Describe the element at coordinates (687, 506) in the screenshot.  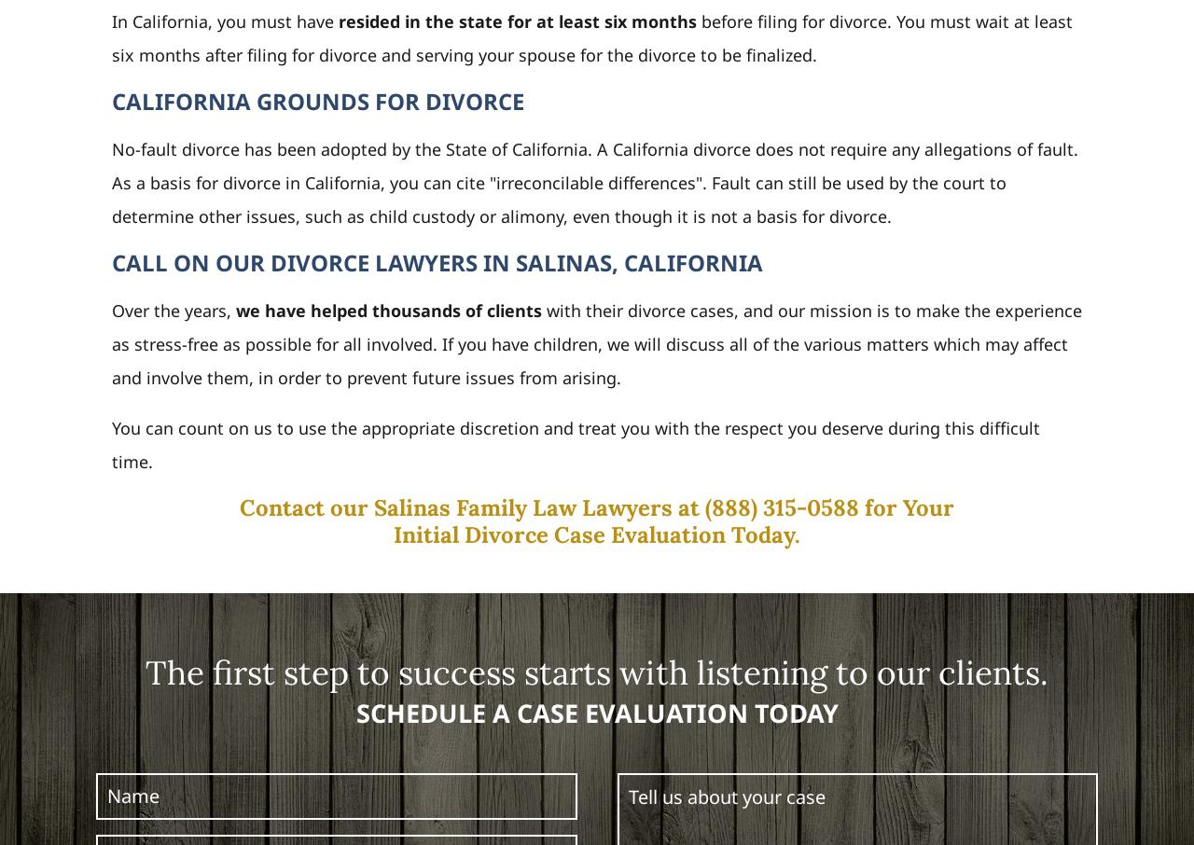
I see `'at'` at that location.